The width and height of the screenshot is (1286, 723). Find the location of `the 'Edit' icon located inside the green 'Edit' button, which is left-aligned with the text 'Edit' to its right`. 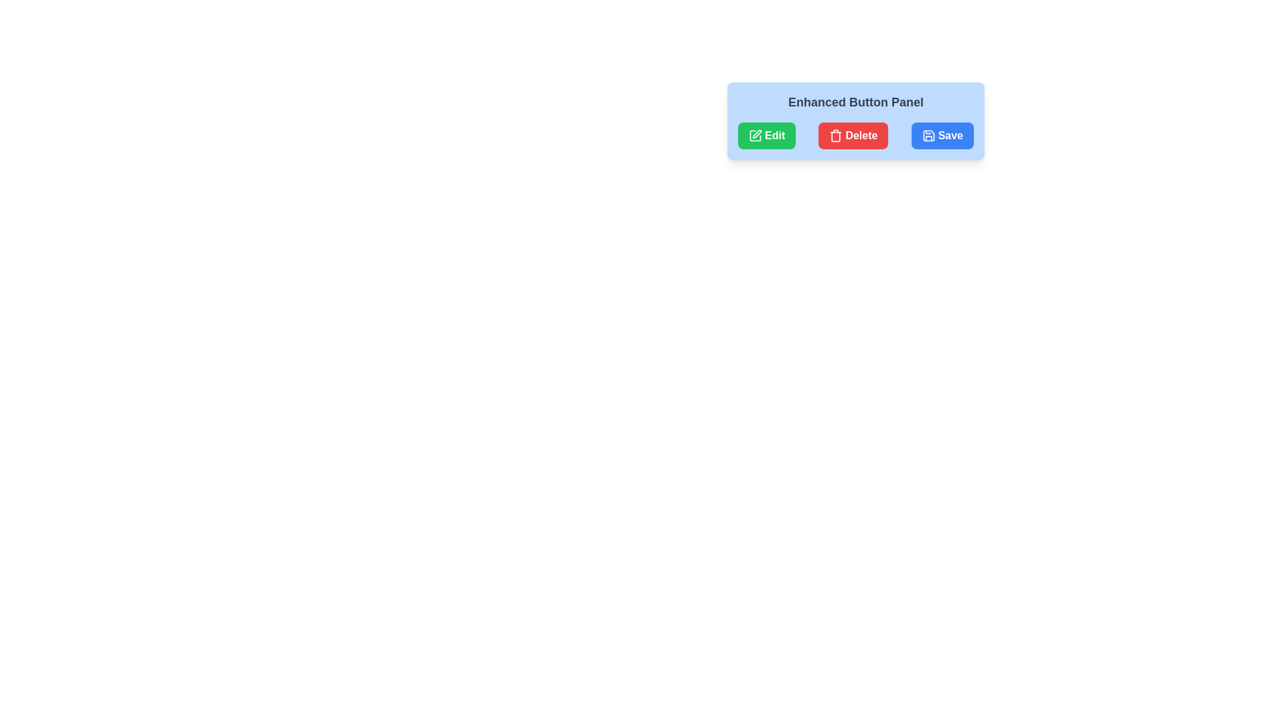

the 'Edit' icon located inside the green 'Edit' button, which is left-aligned with the text 'Edit' to its right is located at coordinates (756, 136).